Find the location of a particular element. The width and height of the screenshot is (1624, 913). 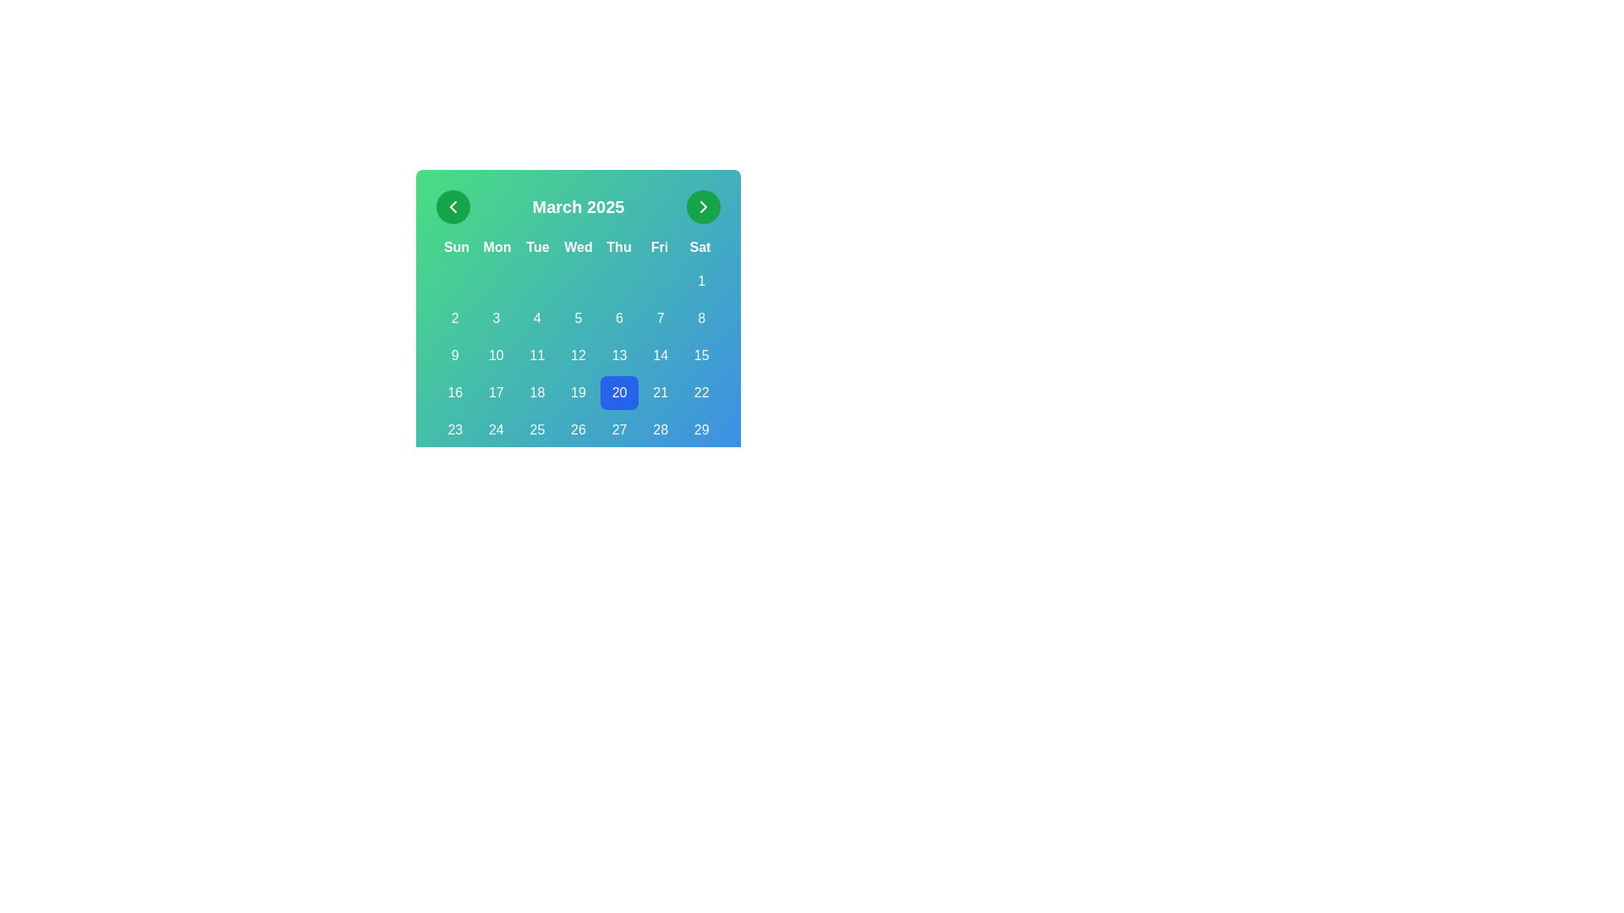

the left-facing chevron arrow icon within the circular green button located in the top-left corner of the calendar interface is located at coordinates (453, 206).